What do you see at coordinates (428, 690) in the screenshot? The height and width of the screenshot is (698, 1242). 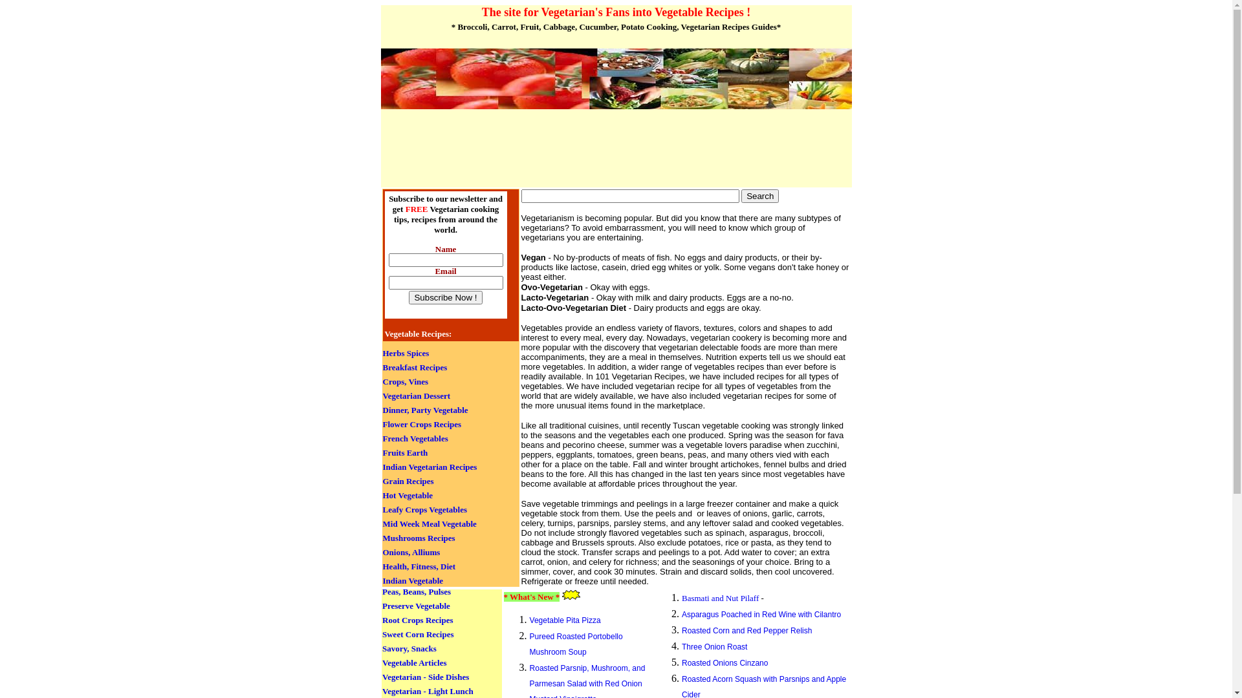 I see `'Vegetarian - Light Lunch'` at bounding box center [428, 690].